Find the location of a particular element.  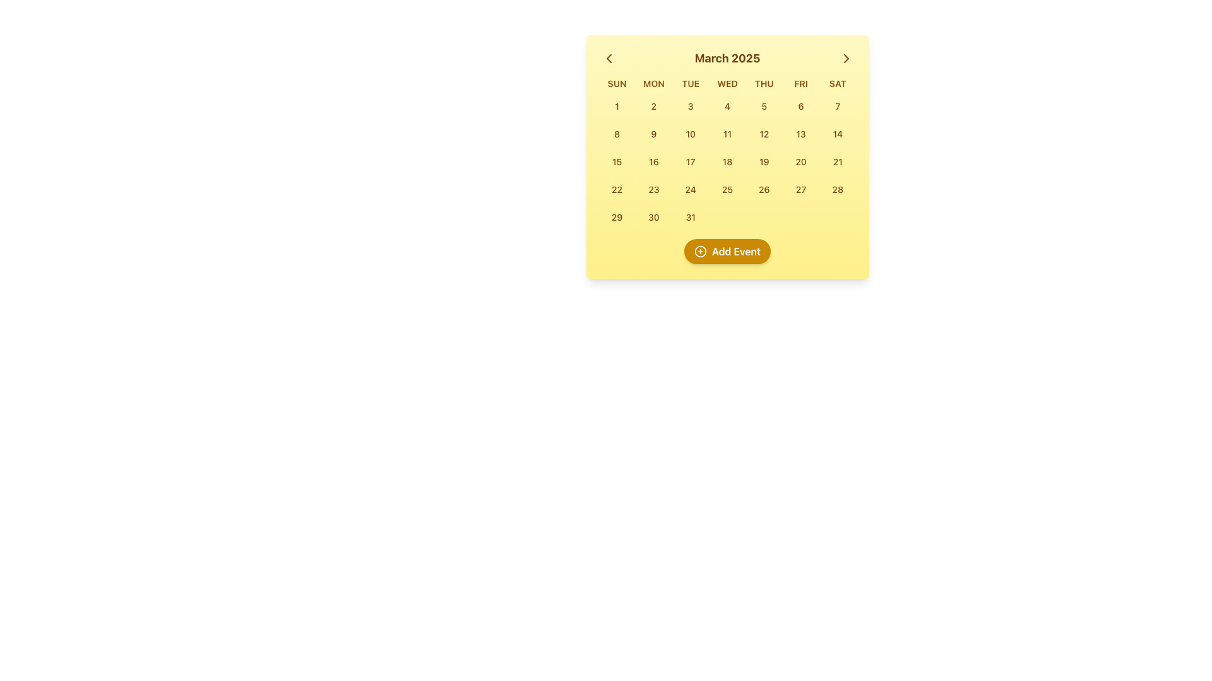

to select the date March 20, 2025, represented in the clickable calendar grid cell located in the fourth row and sixth column of the calendar is located at coordinates (800, 161).